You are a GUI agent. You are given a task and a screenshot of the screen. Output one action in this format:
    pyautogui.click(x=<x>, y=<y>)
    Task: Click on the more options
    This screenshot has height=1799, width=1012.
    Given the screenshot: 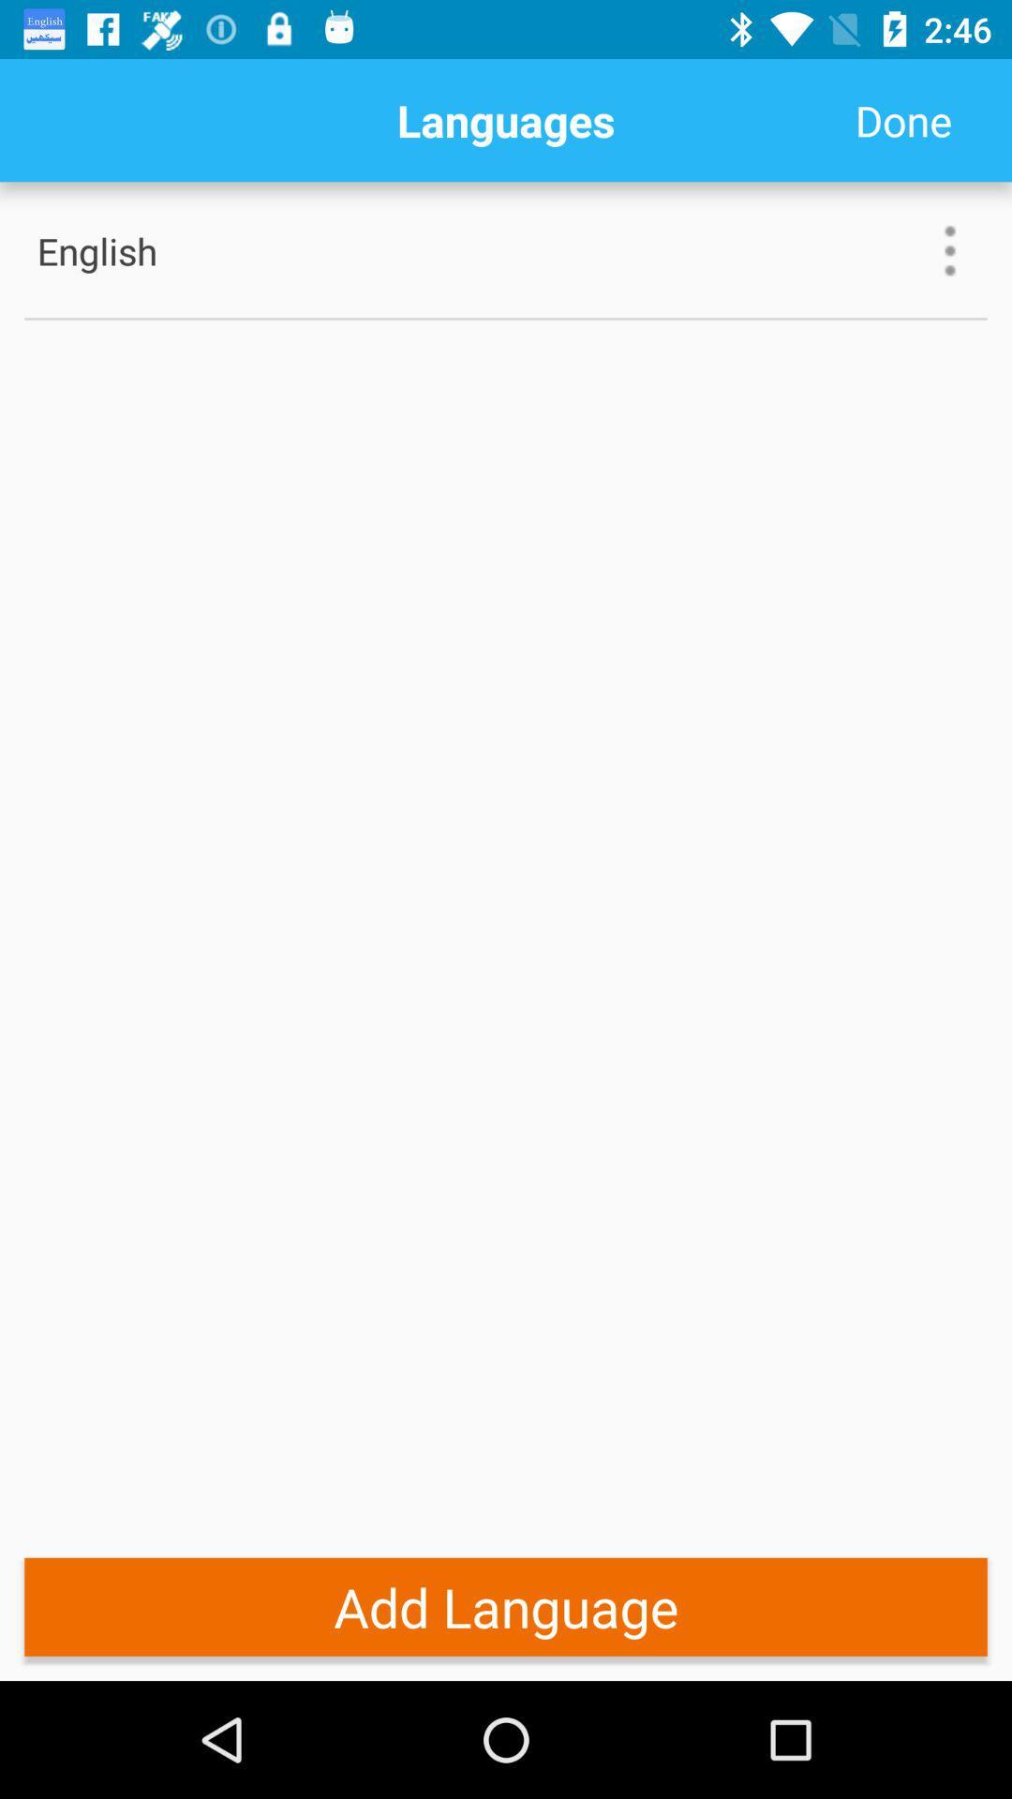 What is the action you would take?
    pyautogui.click(x=950, y=249)
    